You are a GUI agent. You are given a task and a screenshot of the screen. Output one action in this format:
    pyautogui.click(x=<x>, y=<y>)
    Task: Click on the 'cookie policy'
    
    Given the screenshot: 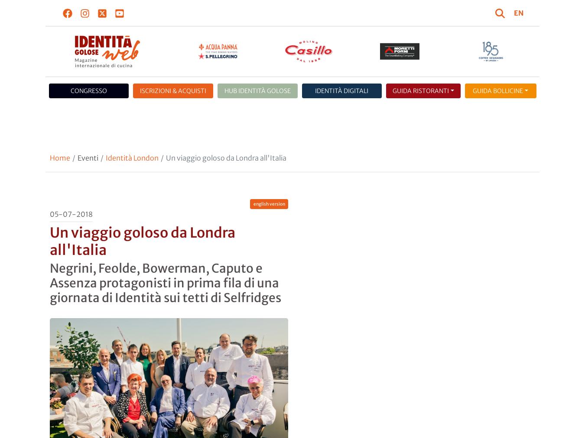 What is the action you would take?
    pyautogui.click(x=307, y=45)
    